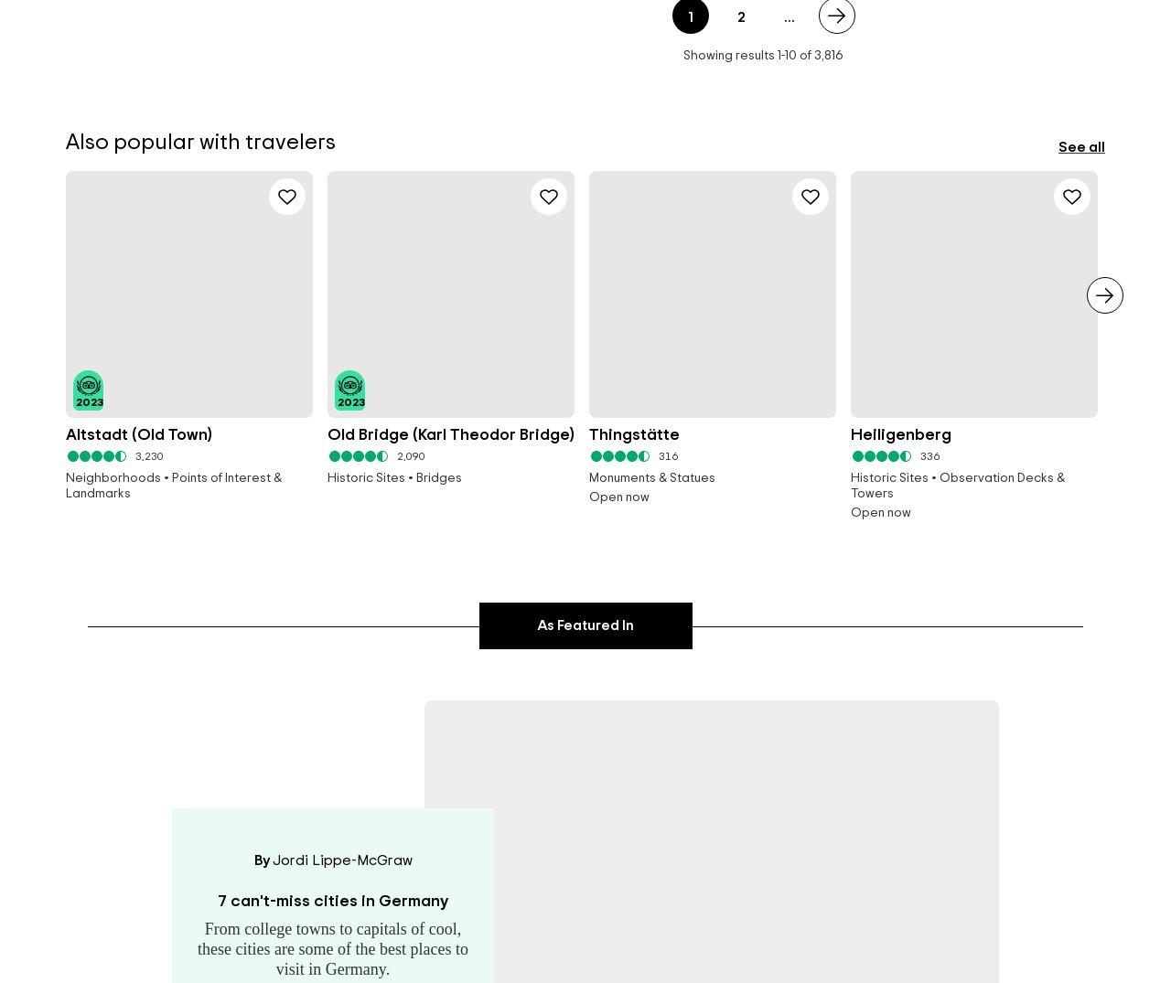 Image resolution: width=1171 pixels, height=983 pixels. Describe the element at coordinates (1058, 147) in the screenshot. I see `'See all'` at that location.